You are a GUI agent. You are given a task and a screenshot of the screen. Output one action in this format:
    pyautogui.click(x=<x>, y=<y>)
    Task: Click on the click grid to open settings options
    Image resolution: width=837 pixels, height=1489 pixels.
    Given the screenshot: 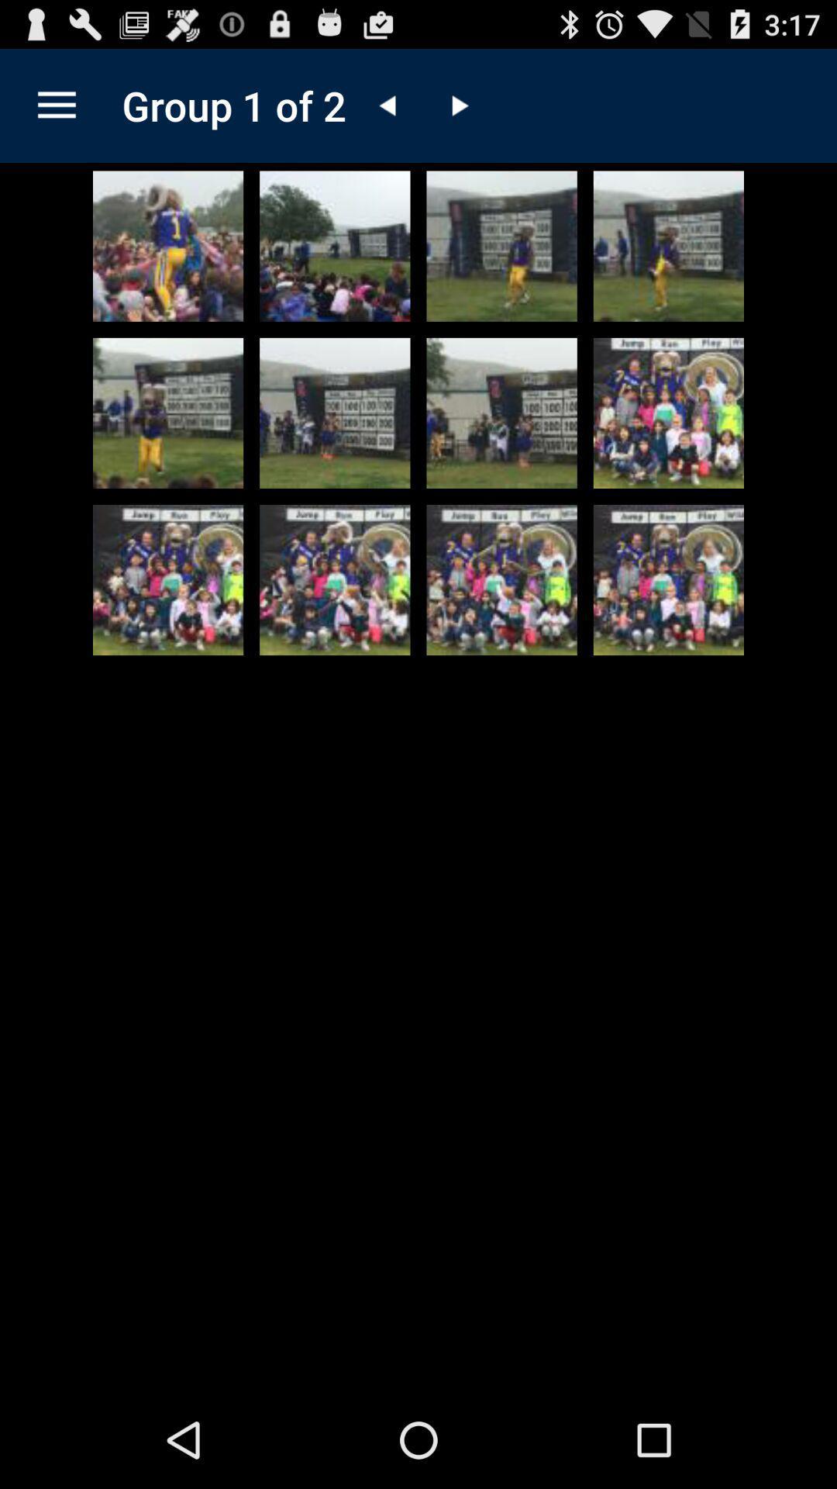 What is the action you would take?
    pyautogui.click(x=56, y=105)
    